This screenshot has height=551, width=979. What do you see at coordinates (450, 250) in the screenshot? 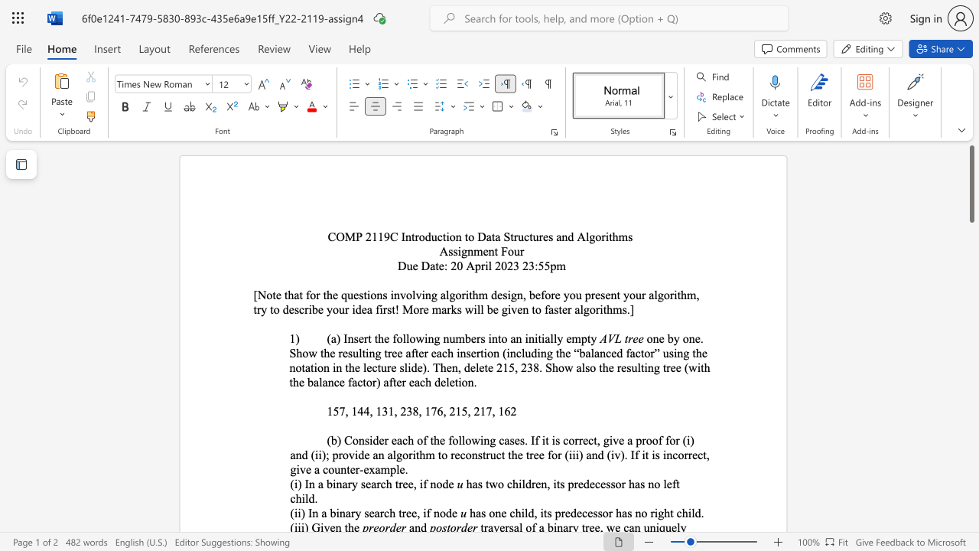
I see `the 1th character "s" in the text` at bounding box center [450, 250].